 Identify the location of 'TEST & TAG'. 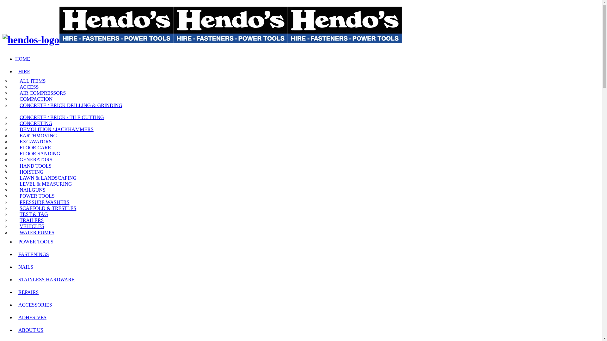
(32, 214).